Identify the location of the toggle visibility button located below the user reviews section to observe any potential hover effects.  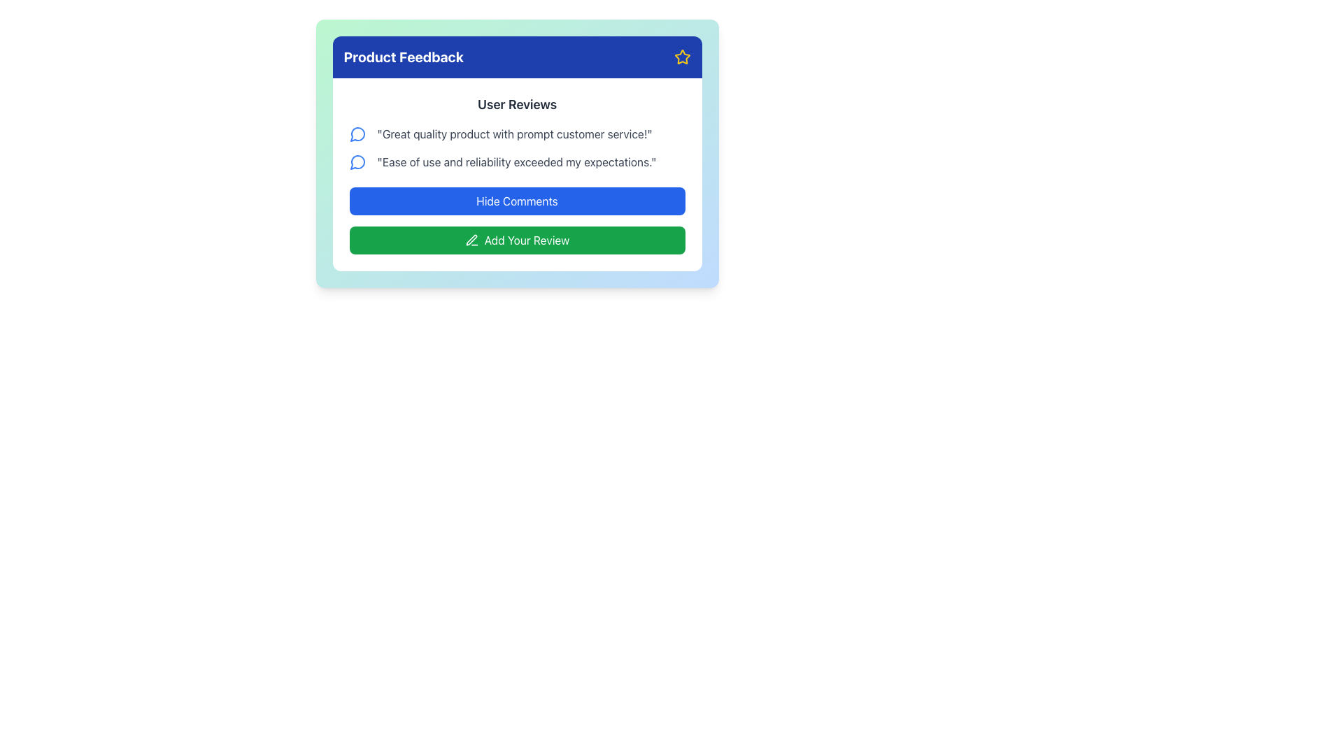
(516, 201).